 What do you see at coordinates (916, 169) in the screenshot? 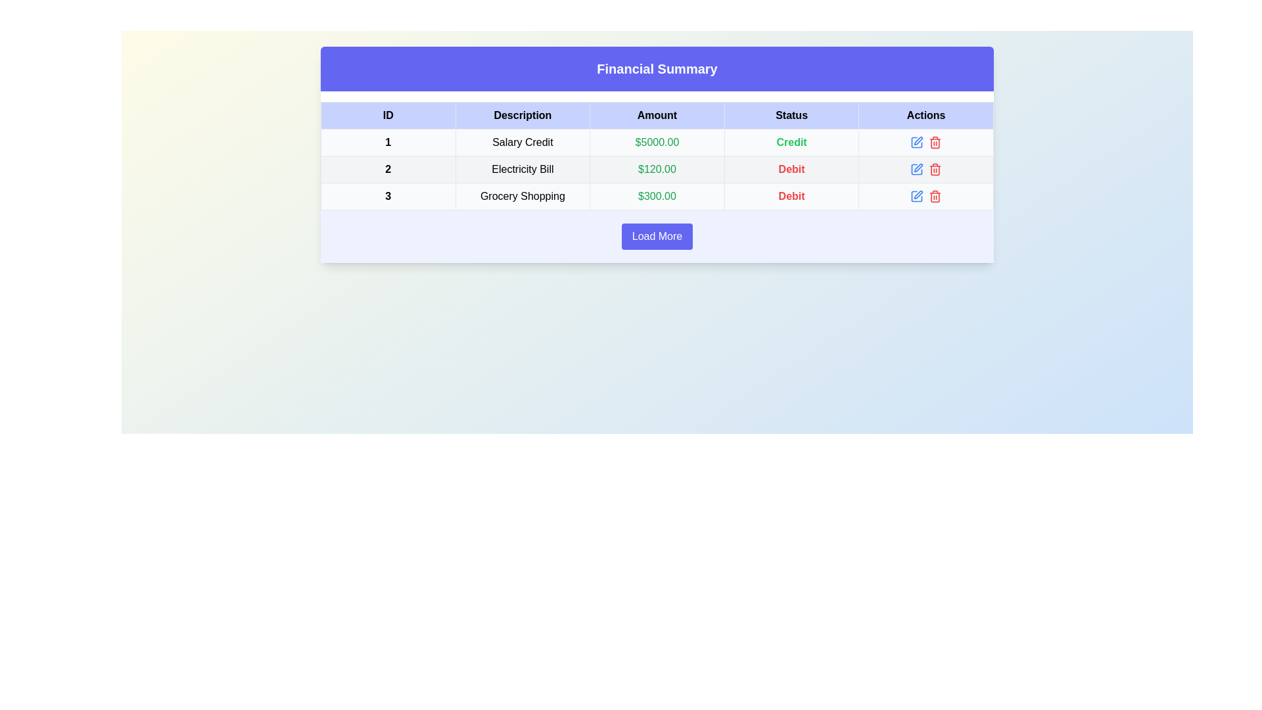
I see `the edit icon in the Actions column of the second row of the table` at bounding box center [916, 169].